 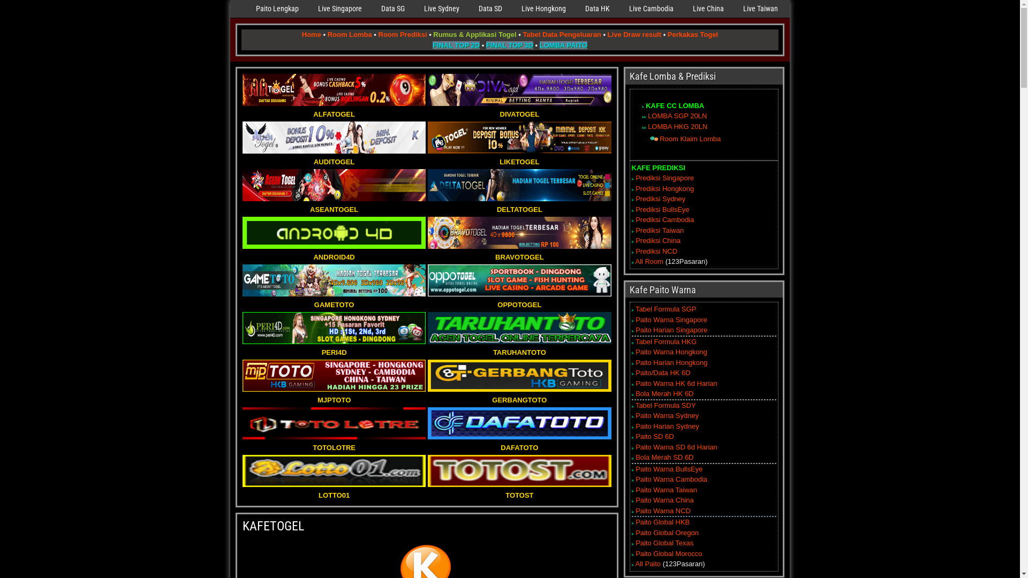 What do you see at coordinates (665, 309) in the screenshot?
I see `'Tabel Formula SGP'` at bounding box center [665, 309].